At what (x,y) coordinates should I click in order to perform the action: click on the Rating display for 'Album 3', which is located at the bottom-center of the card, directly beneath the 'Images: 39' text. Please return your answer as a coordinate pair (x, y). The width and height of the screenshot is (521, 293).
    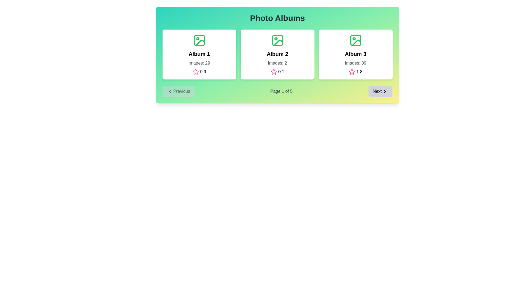
    Looking at the image, I should click on (355, 72).